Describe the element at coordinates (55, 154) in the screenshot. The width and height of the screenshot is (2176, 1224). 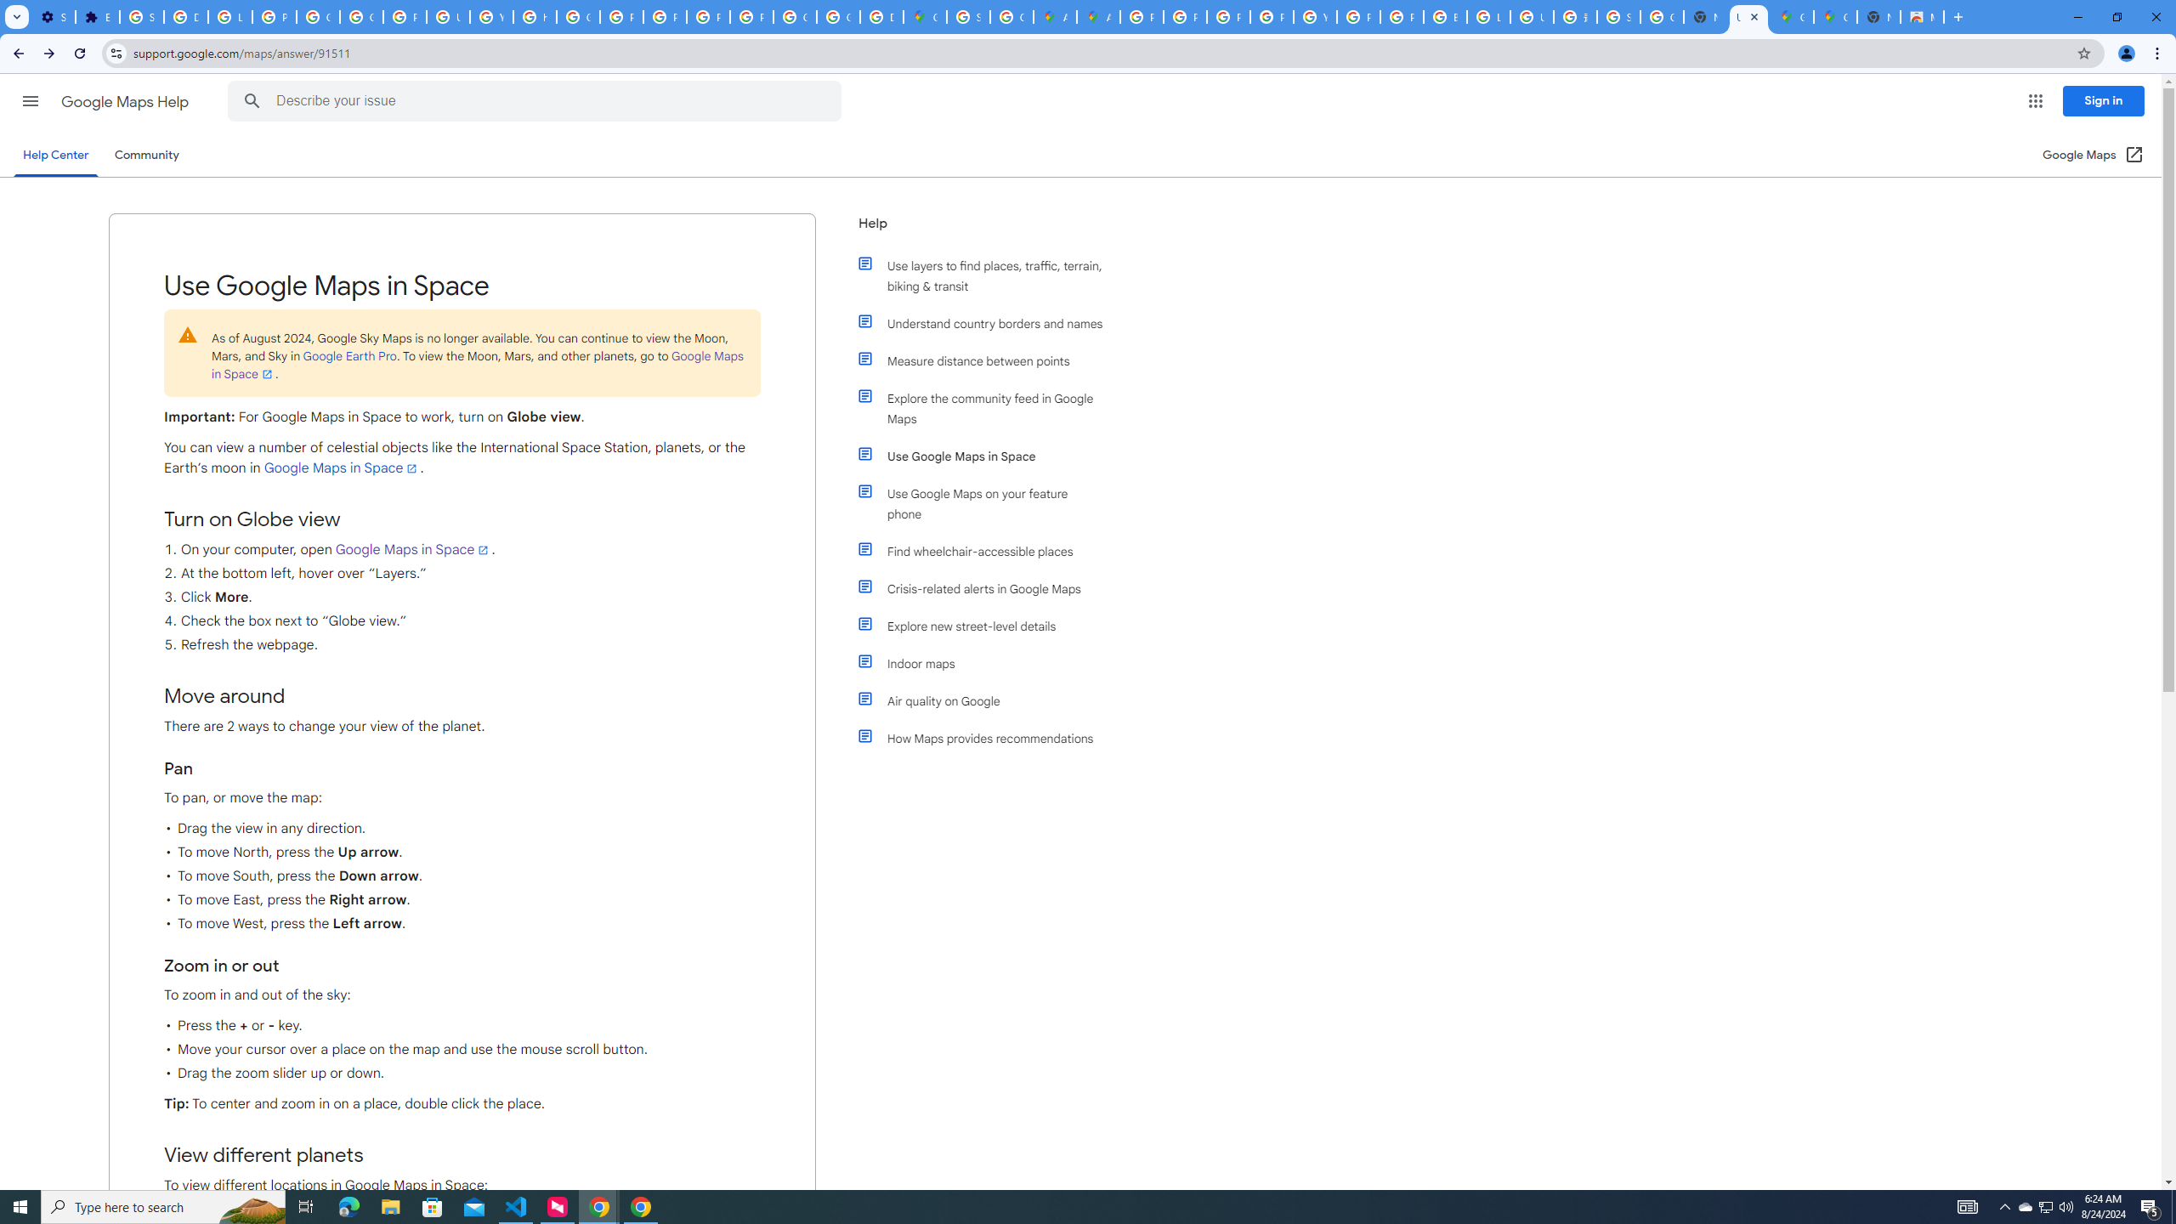
I see `'Help Center'` at that location.